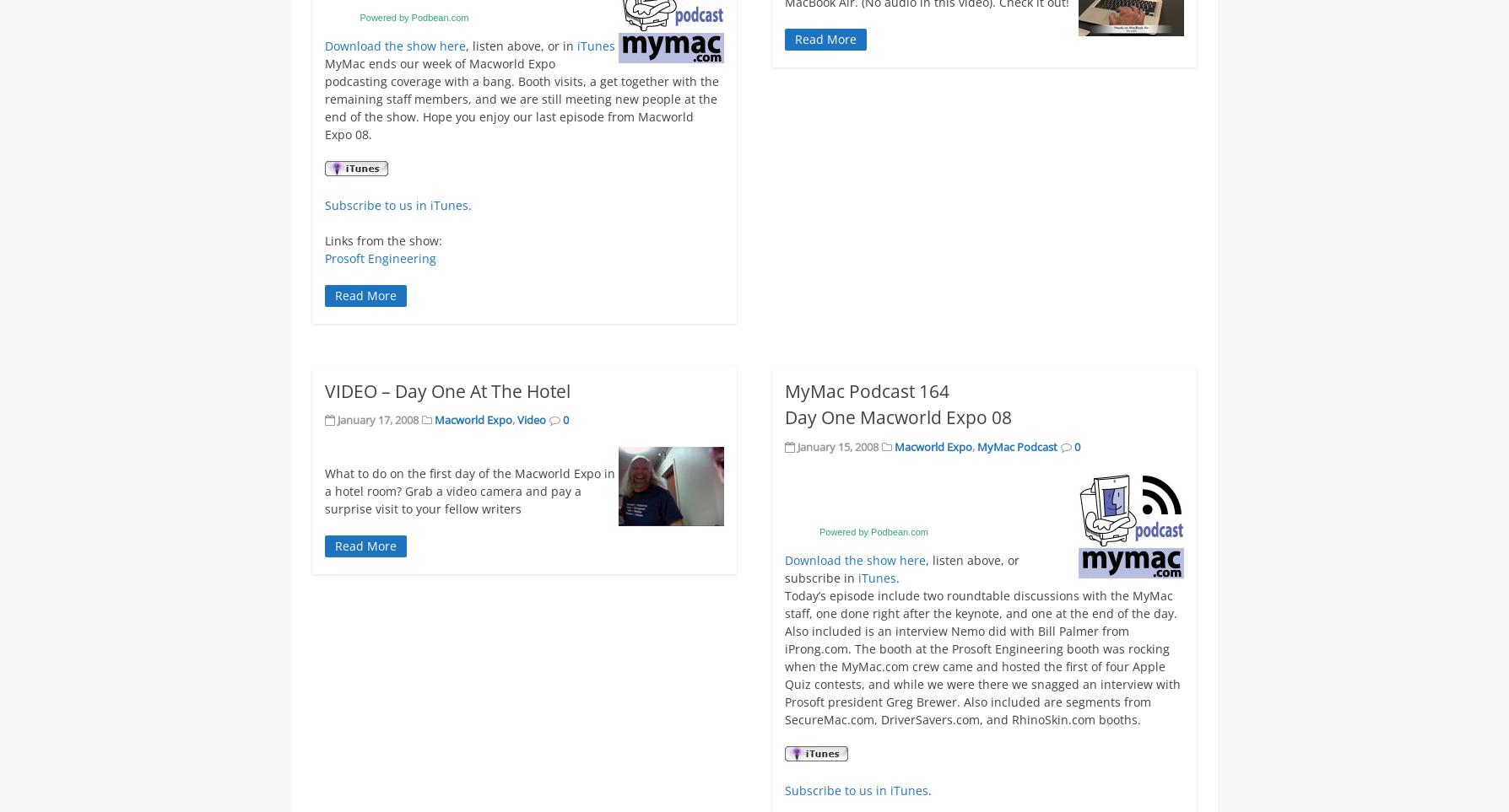 The image size is (1509, 812). Describe the element at coordinates (836, 444) in the screenshot. I see `'January 15, 2008'` at that location.